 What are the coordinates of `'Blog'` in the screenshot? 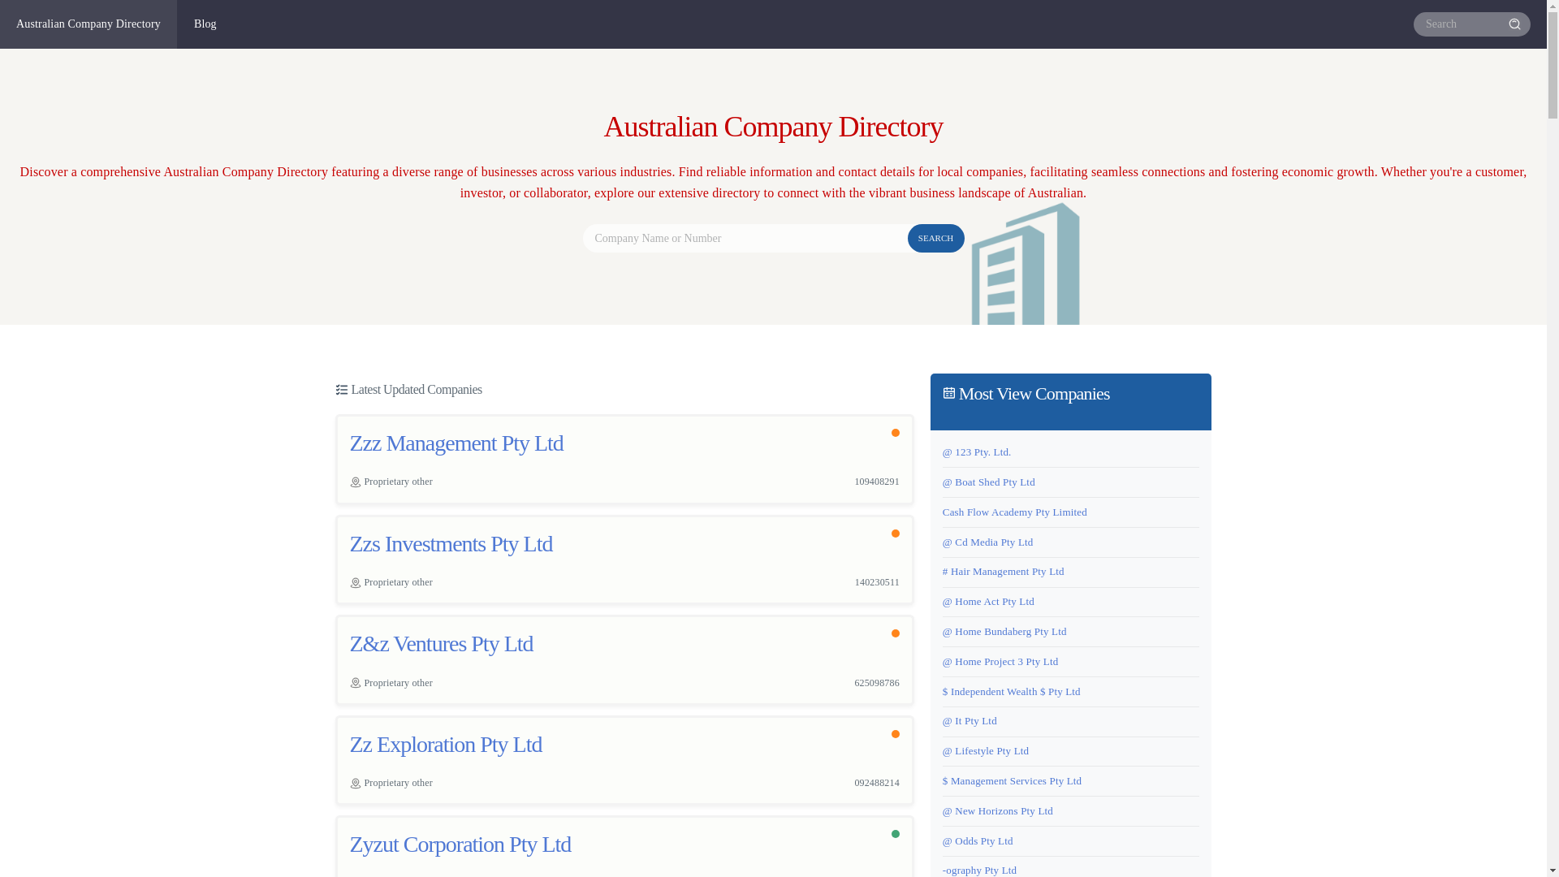 It's located at (178, 24).